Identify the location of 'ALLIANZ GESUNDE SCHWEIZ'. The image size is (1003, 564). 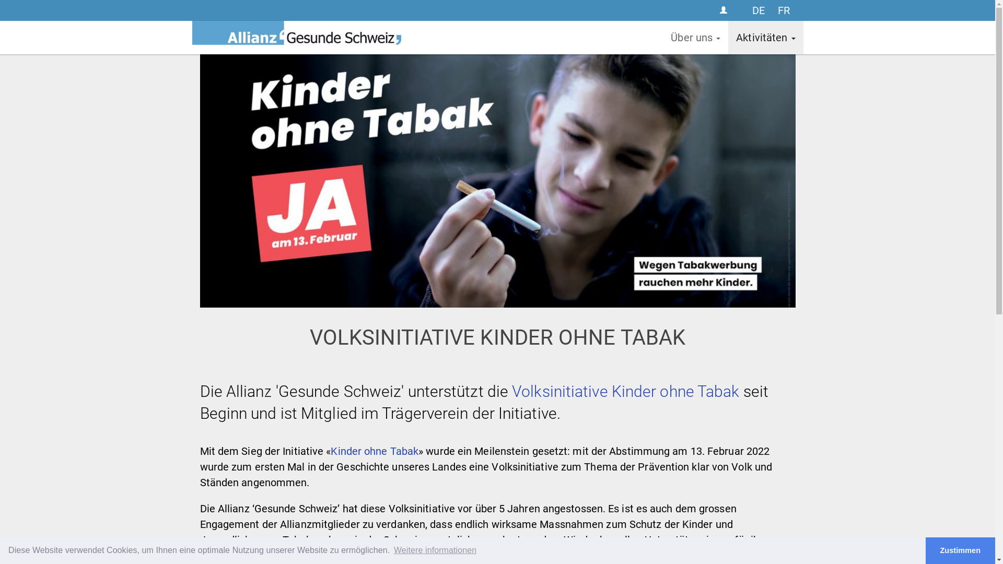
(296, 37).